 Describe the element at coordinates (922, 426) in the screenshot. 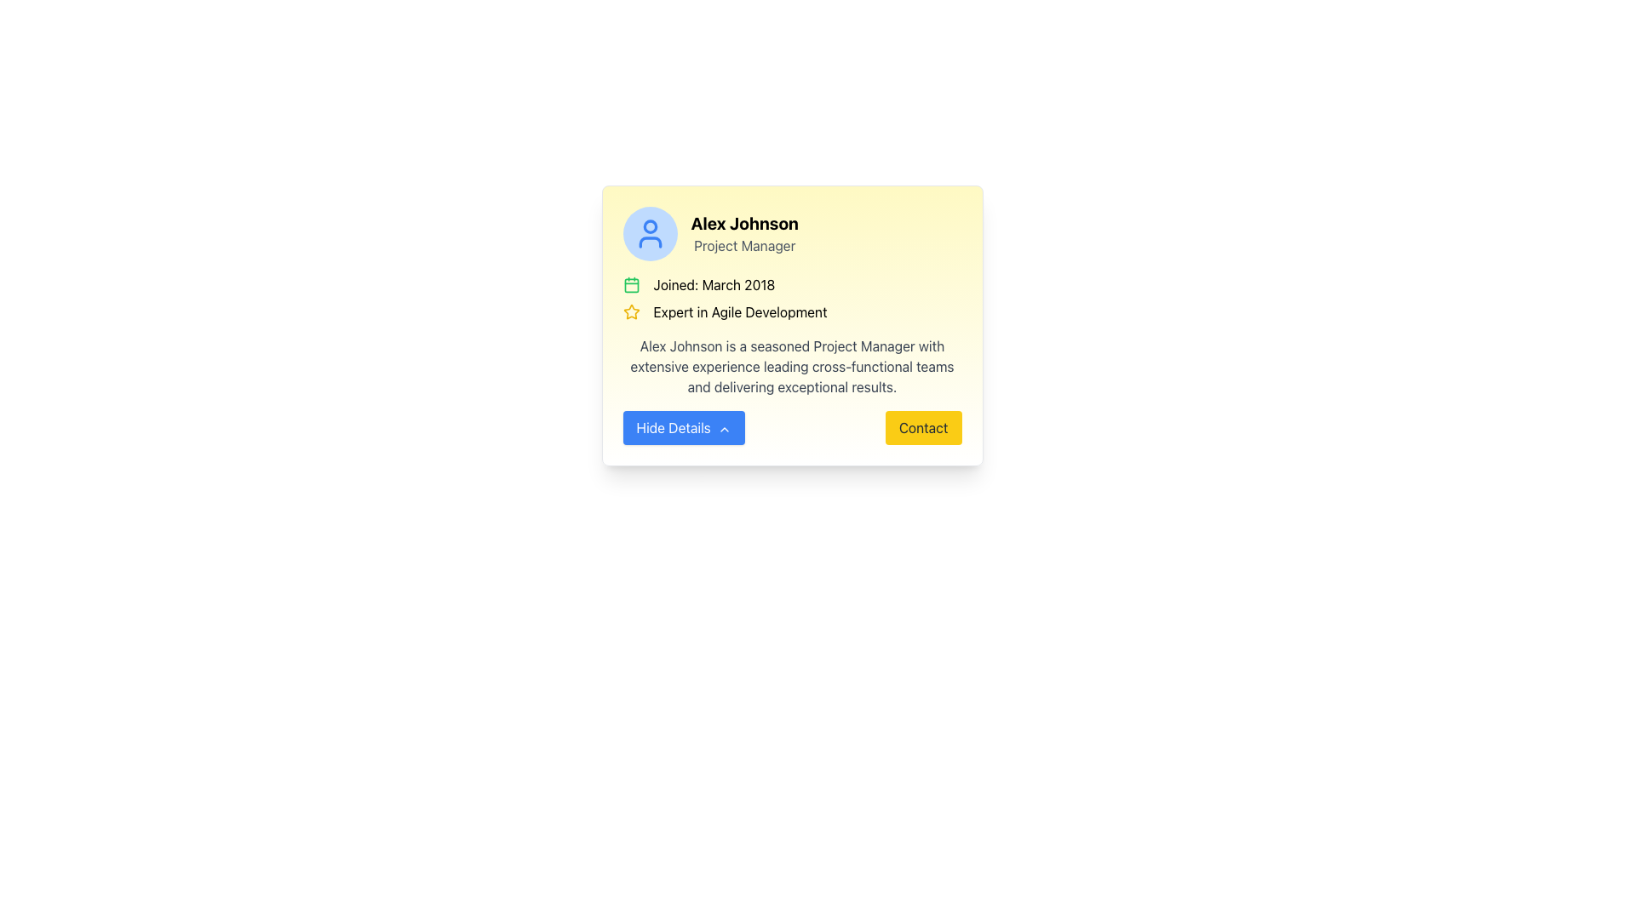

I see `the 'Contact' button, which is a rectangular button with rounded corners, a yellow background, and black centered text, located in the bottom-right corner of a card component` at that location.